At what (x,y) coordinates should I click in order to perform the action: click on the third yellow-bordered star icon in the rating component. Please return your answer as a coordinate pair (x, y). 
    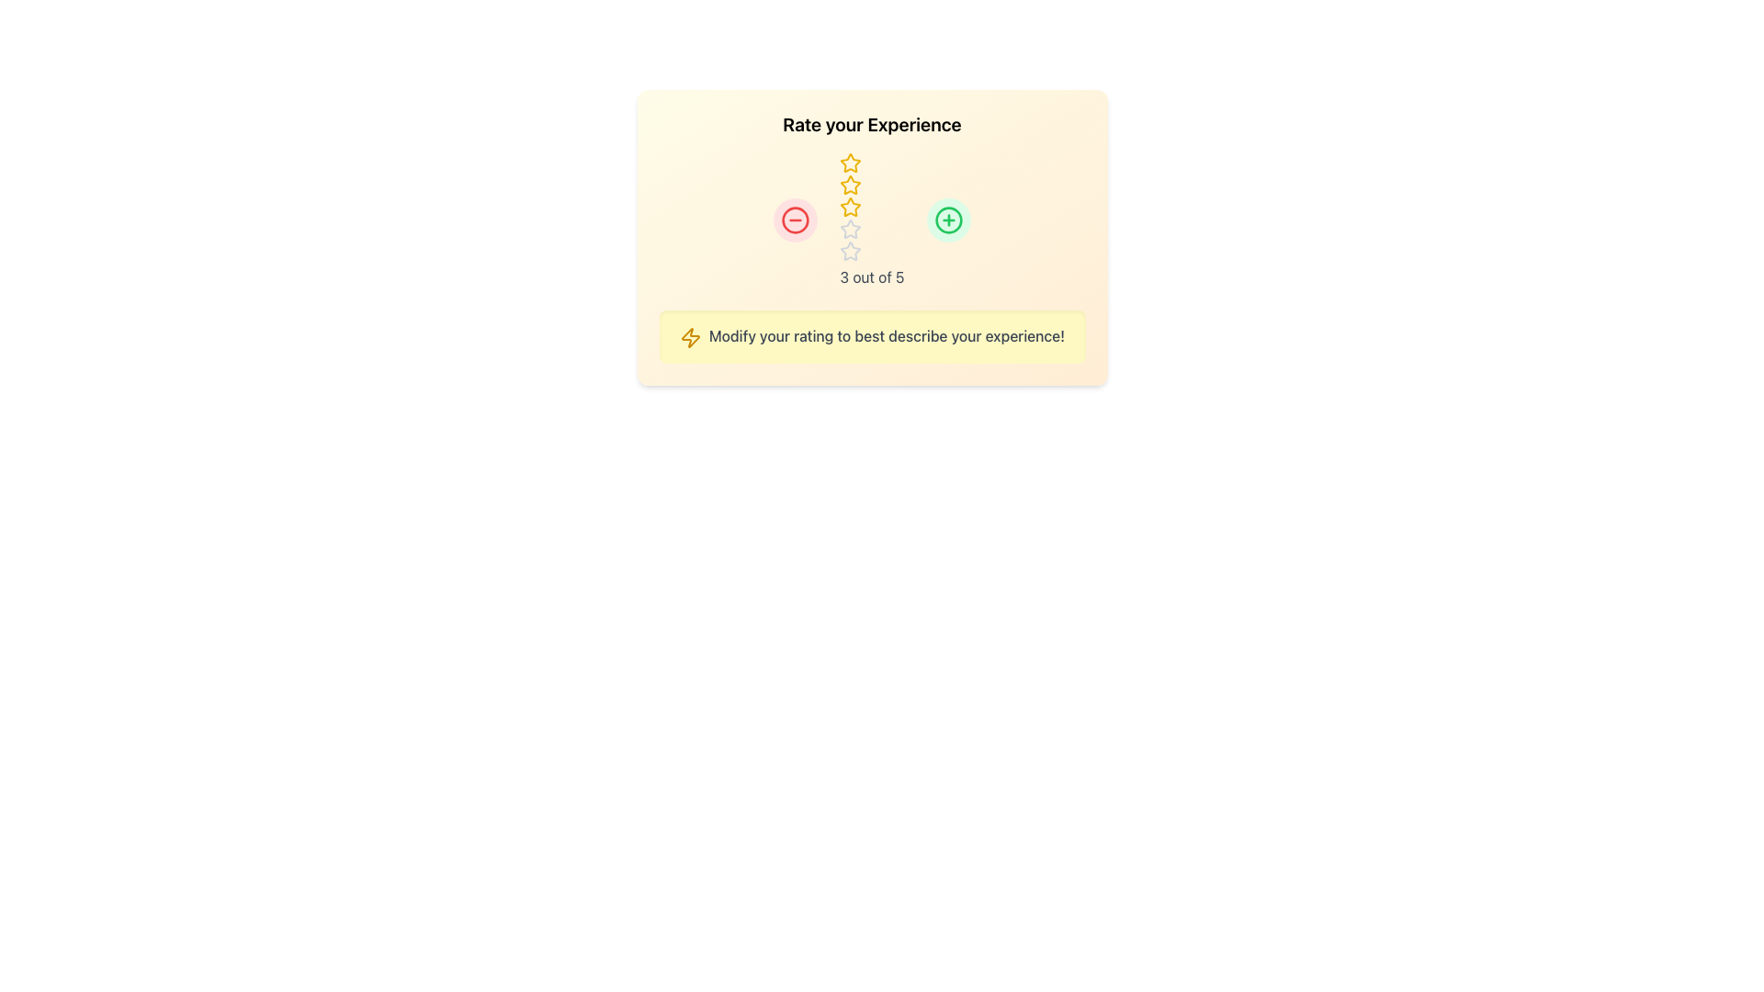
    Looking at the image, I should click on (850, 207).